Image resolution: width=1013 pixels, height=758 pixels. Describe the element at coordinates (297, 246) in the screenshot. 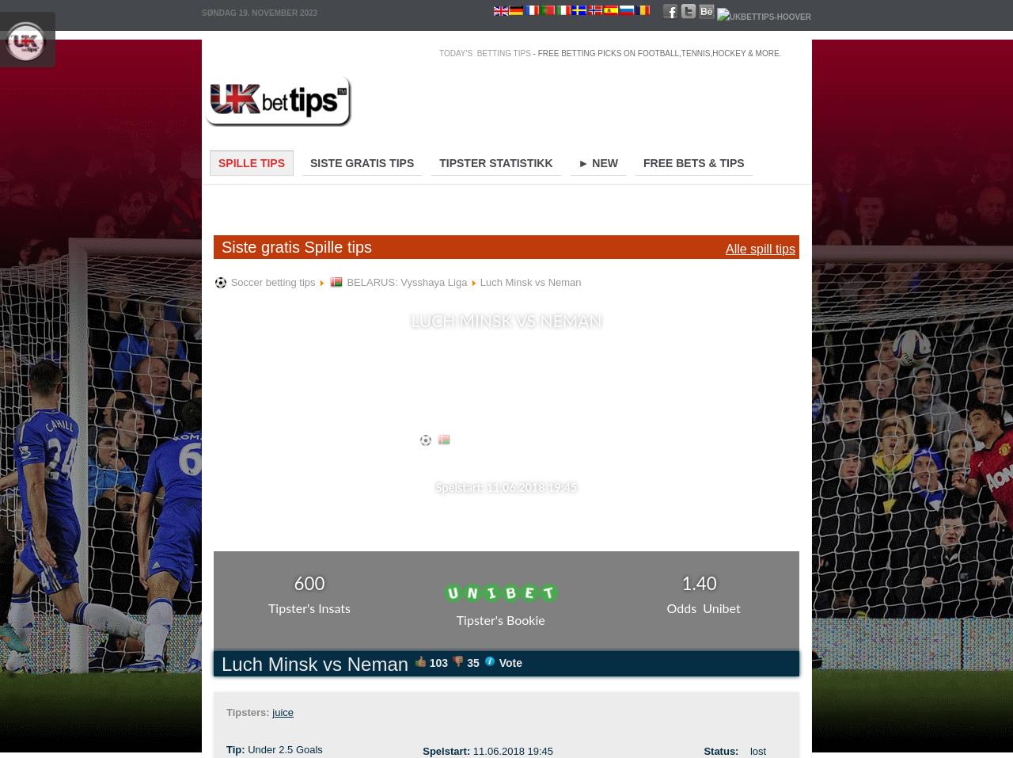

I see `'Siste gratis Spille tips'` at that location.